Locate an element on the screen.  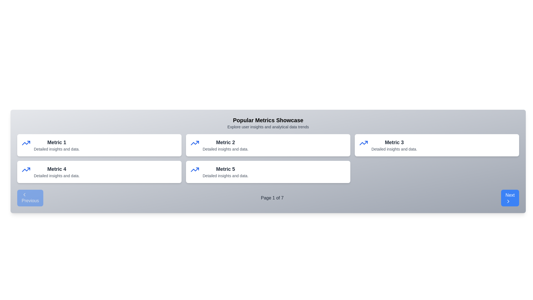
the 'Previous' button, which is a rounded rectangle with a blue background and white text, located in the bottom left corner of the navigation bar is located at coordinates (30, 198).